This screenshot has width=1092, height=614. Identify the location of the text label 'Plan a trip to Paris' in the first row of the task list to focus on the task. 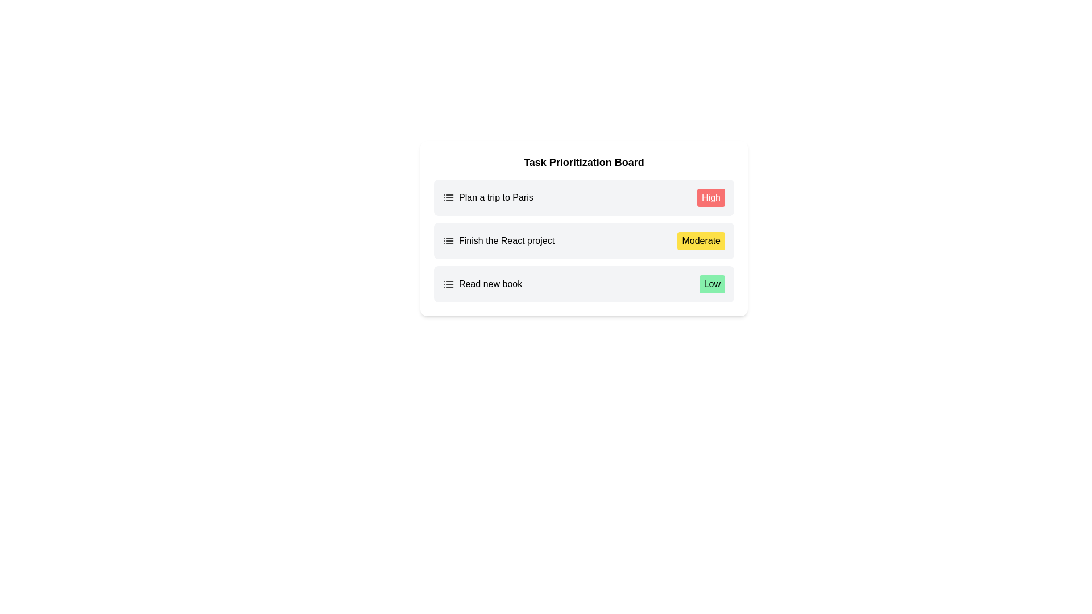
(488, 197).